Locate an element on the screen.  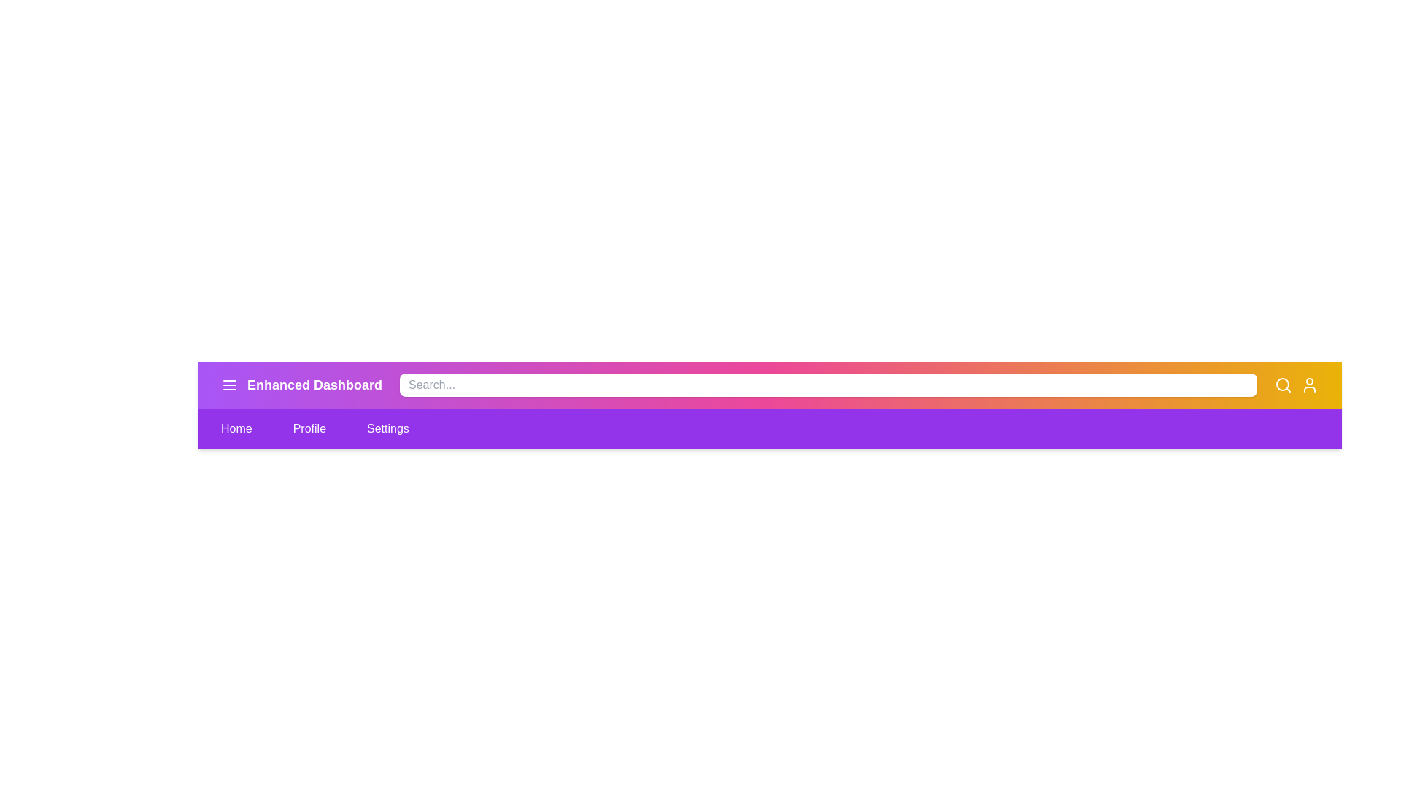
the menu item Home to highlight it is located at coordinates (236, 428).